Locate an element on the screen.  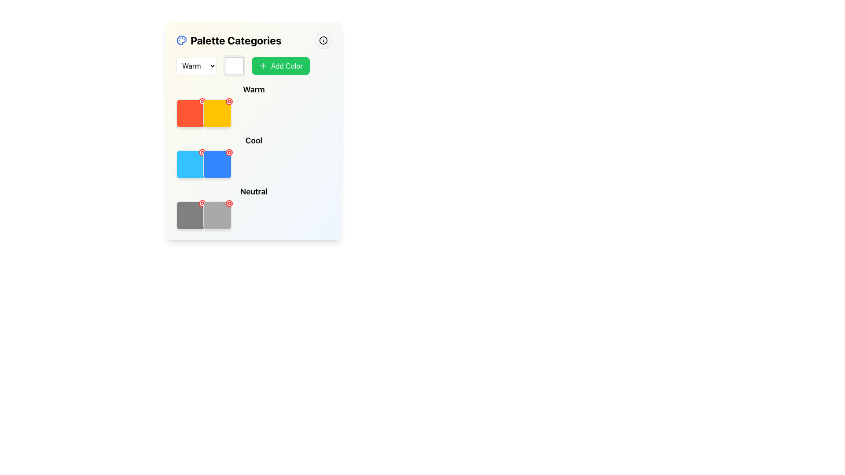
the delete button located in the top-right corner of the blue-colored square panel in the 'Cool' section of the color palette interface is located at coordinates (229, 152).